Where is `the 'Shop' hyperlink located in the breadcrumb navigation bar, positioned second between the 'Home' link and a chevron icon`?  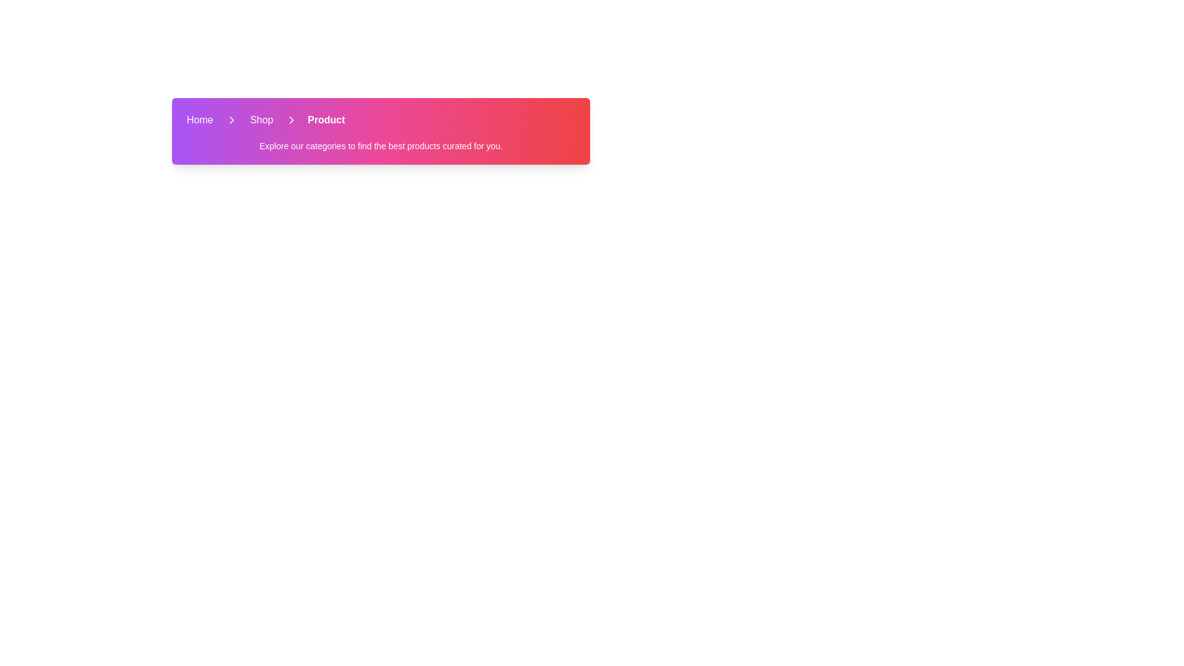 the 'Shop' hyperlink located in the breadcrumb navigation bar, positioned second between the 'Home' link and a chevron icon is located at coordinates (261, 120).